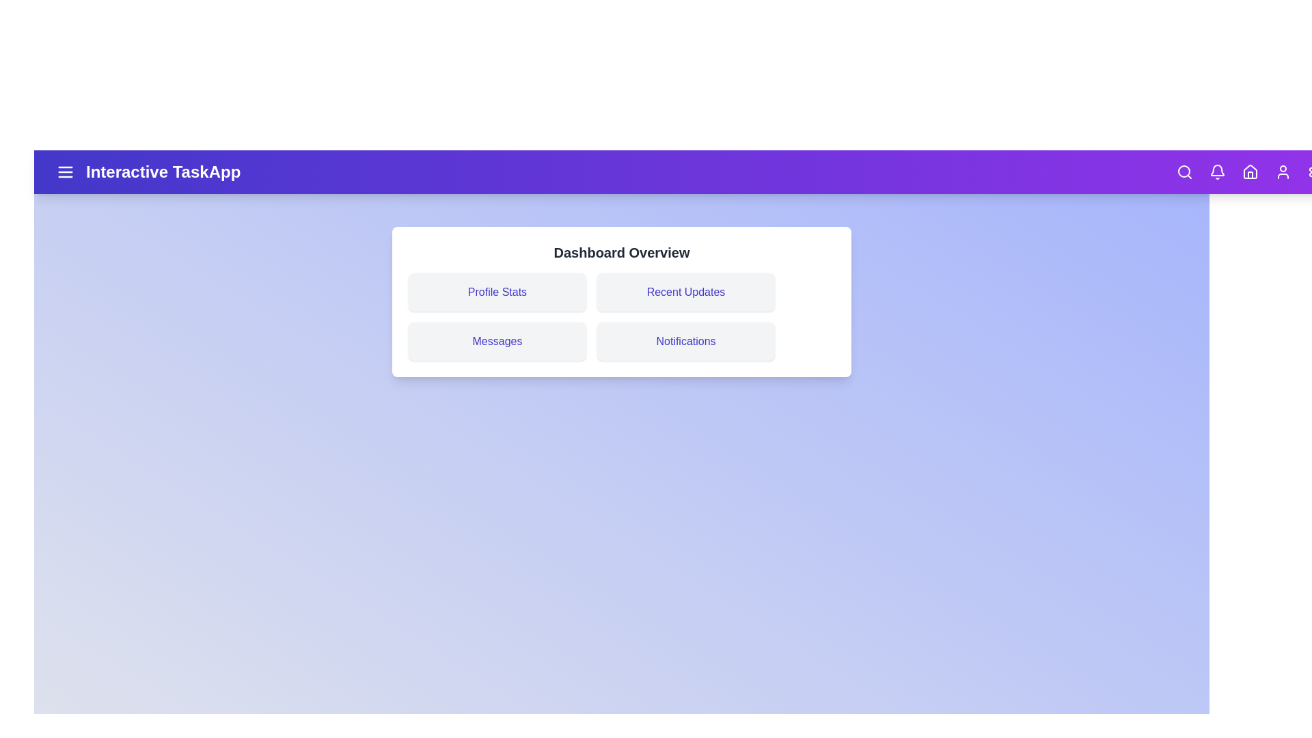  What do you see at coordinates (497, 292) in the screenshot?
I see `the 'Profile Stats' section to interact with it` at bounding box center [497, 292].